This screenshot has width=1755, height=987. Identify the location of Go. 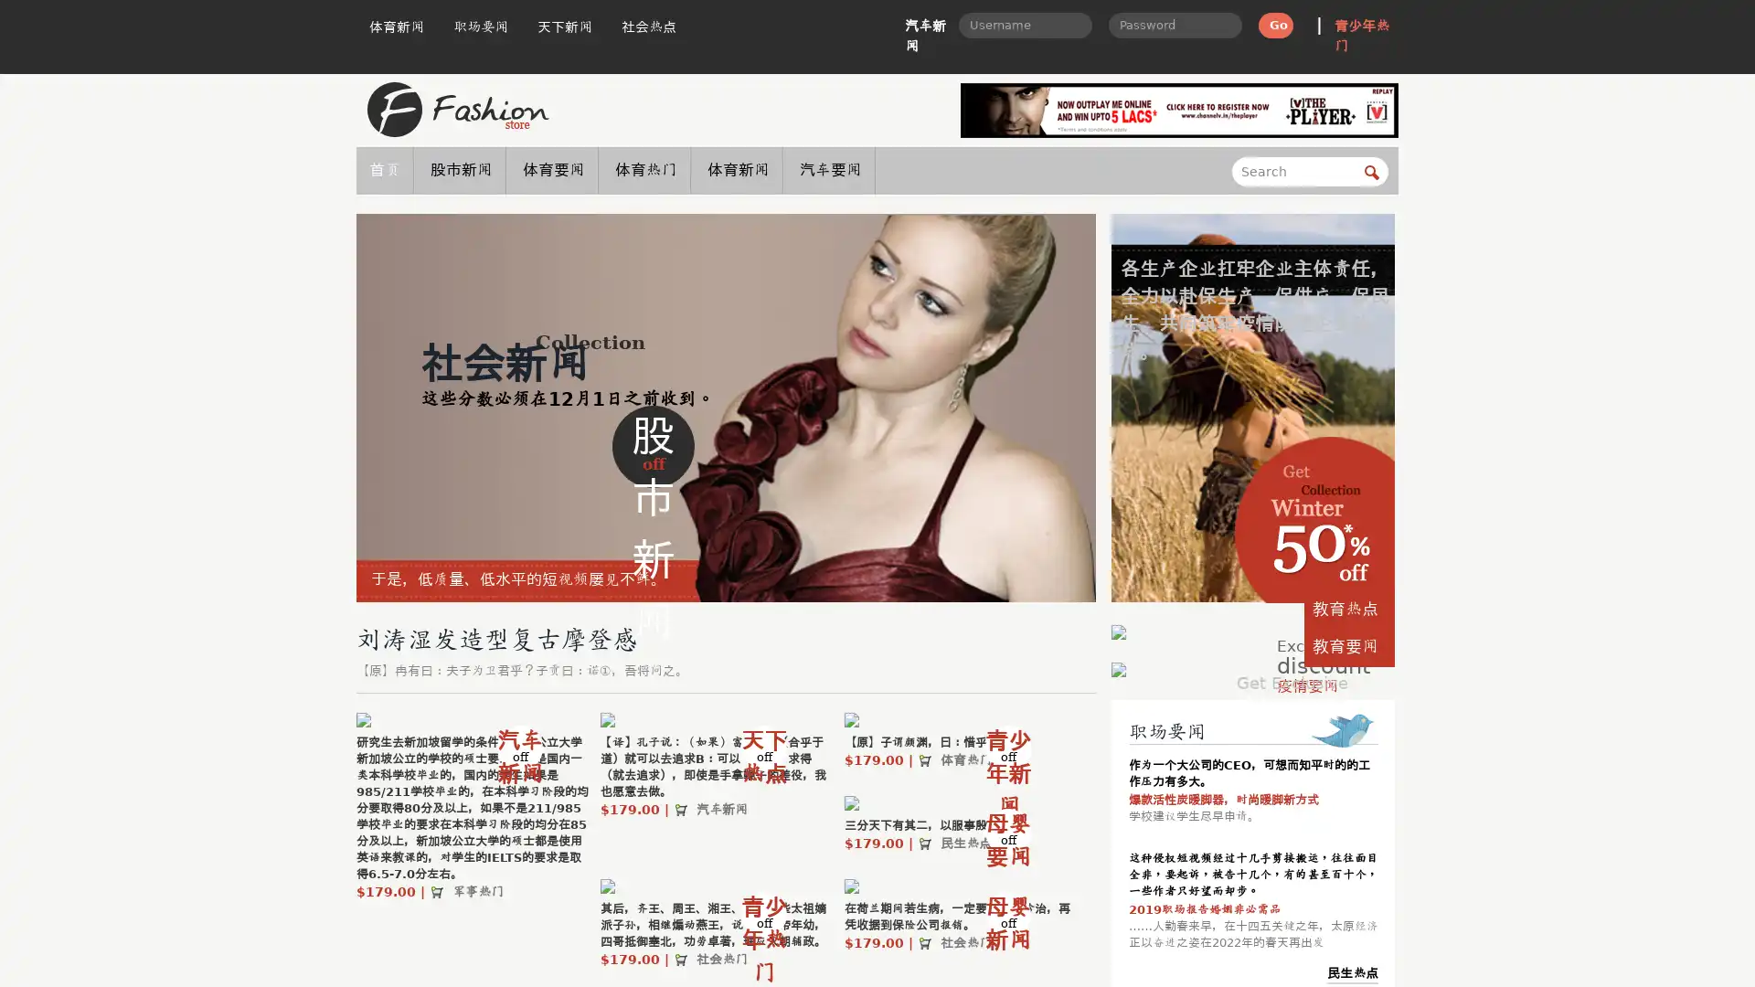
(1274, 25).